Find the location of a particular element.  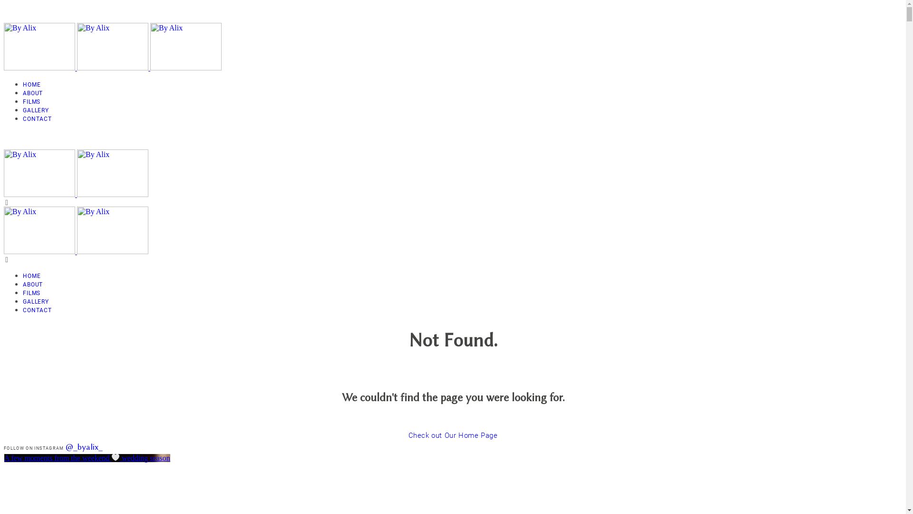

'FILMS' is located at coordinates (31, 101).